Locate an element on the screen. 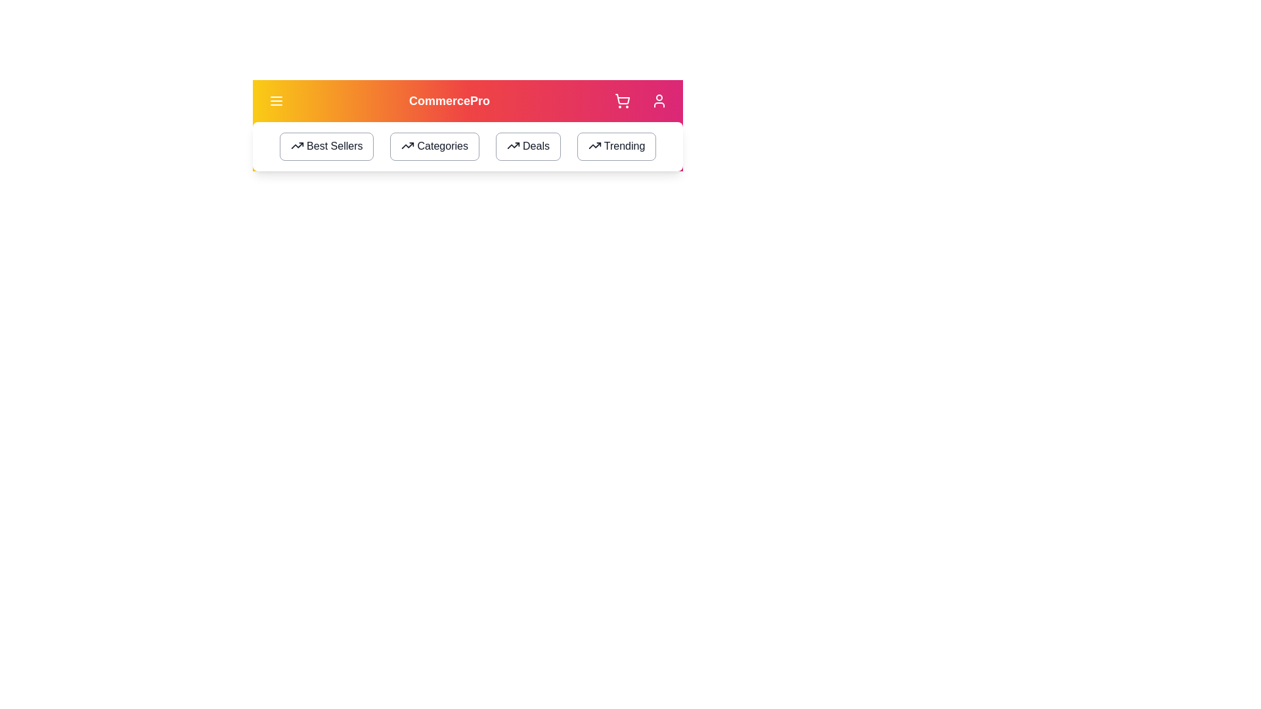 The width and height of the screenshot is (1261, 709). the 'Deals' button to navigate to the 'Deals' section is located at coordinates (528, 146).